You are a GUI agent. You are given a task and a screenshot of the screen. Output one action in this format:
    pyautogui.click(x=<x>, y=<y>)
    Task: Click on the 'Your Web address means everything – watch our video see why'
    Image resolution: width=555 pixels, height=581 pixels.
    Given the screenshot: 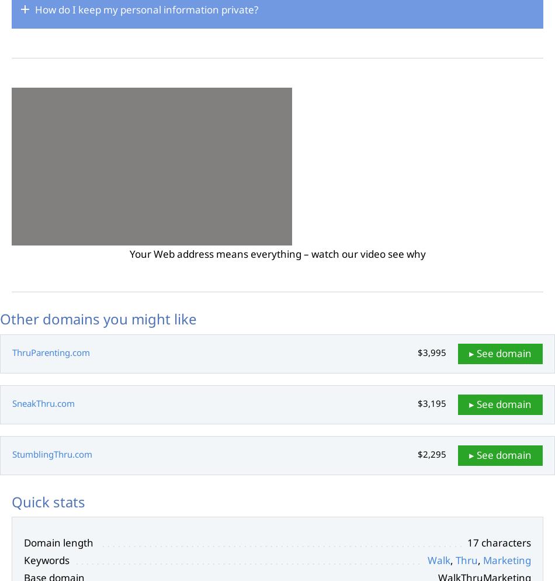 What is the action you would take?
    pyautogui.click(x=276, y=253)
    